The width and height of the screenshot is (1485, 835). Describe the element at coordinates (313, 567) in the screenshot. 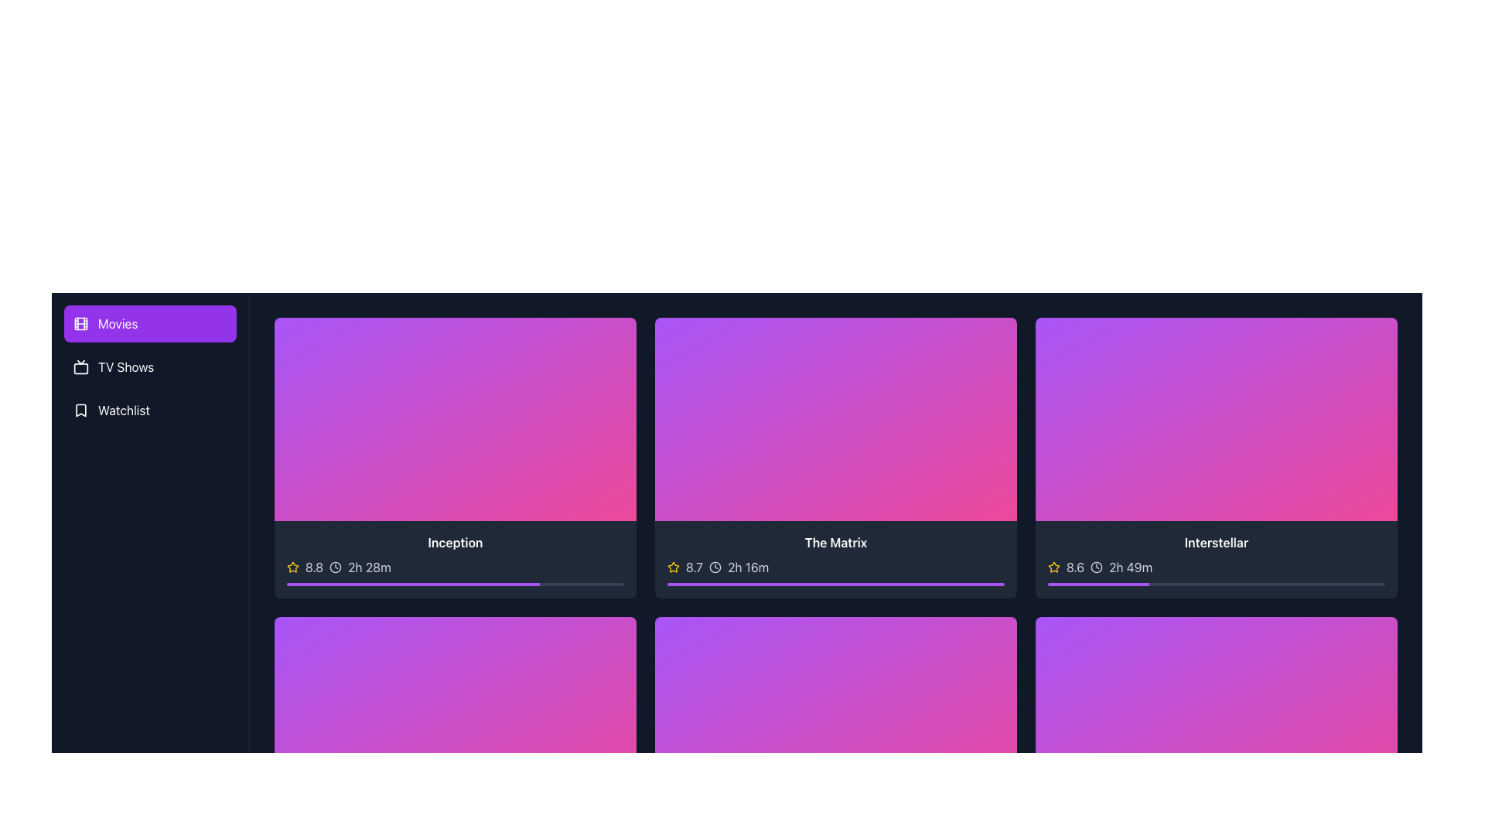

I see `the text label displaying '8.8', which is styled in gray and located to the right of a star icon in the bottom-left part of the card for the movie 'Inception'` at that location.